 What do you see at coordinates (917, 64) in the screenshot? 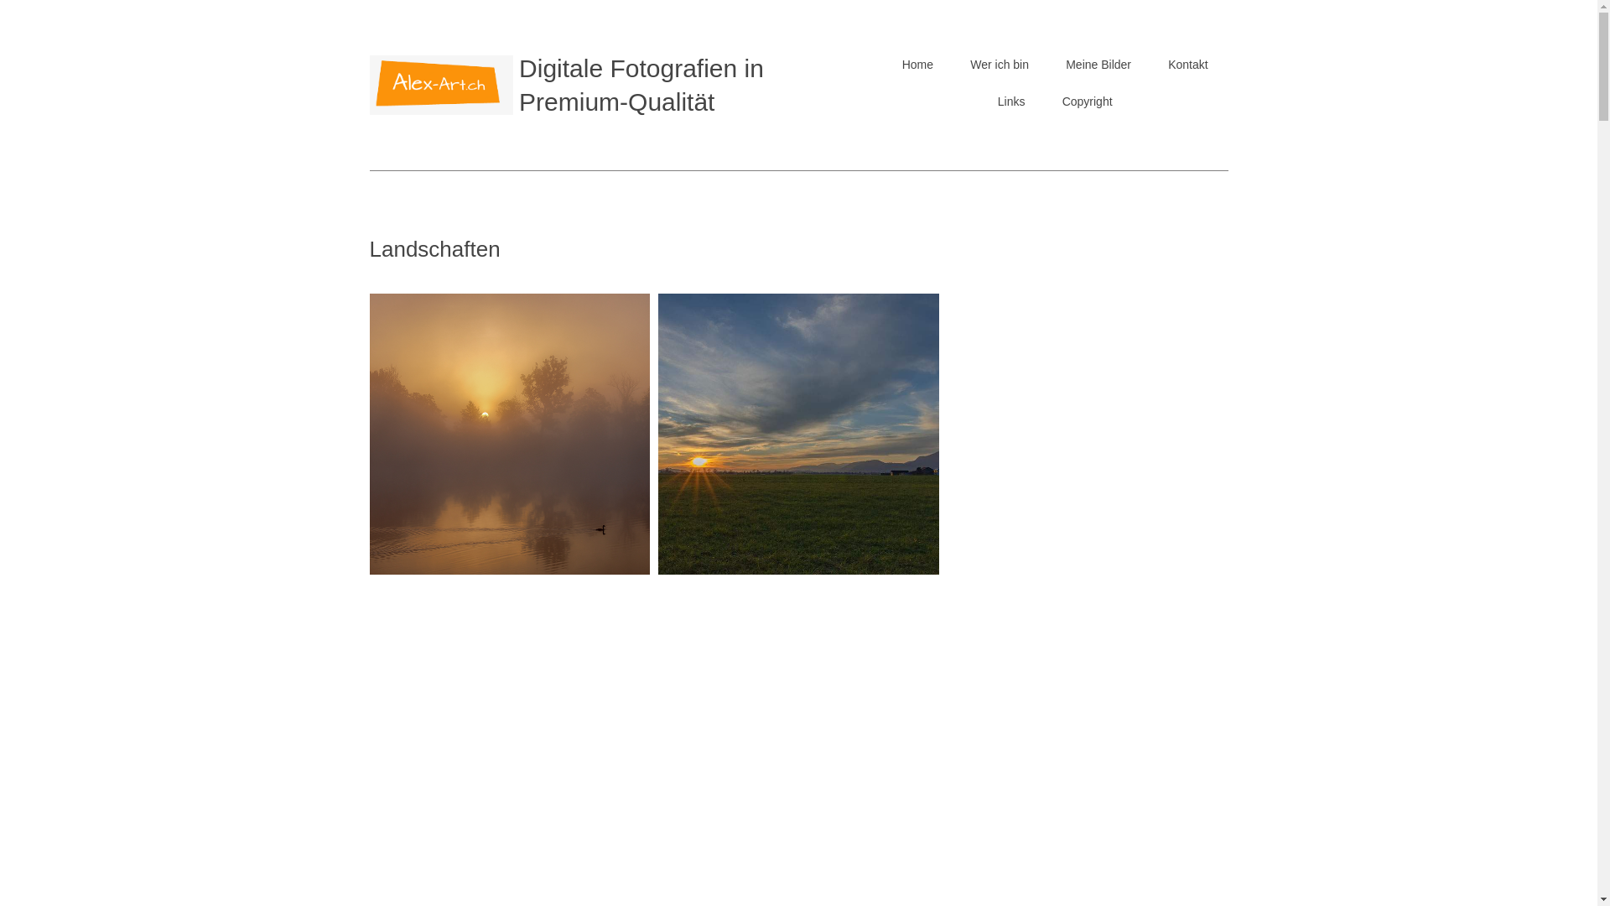
I see `'Home'` at bounding box center [917, 64].